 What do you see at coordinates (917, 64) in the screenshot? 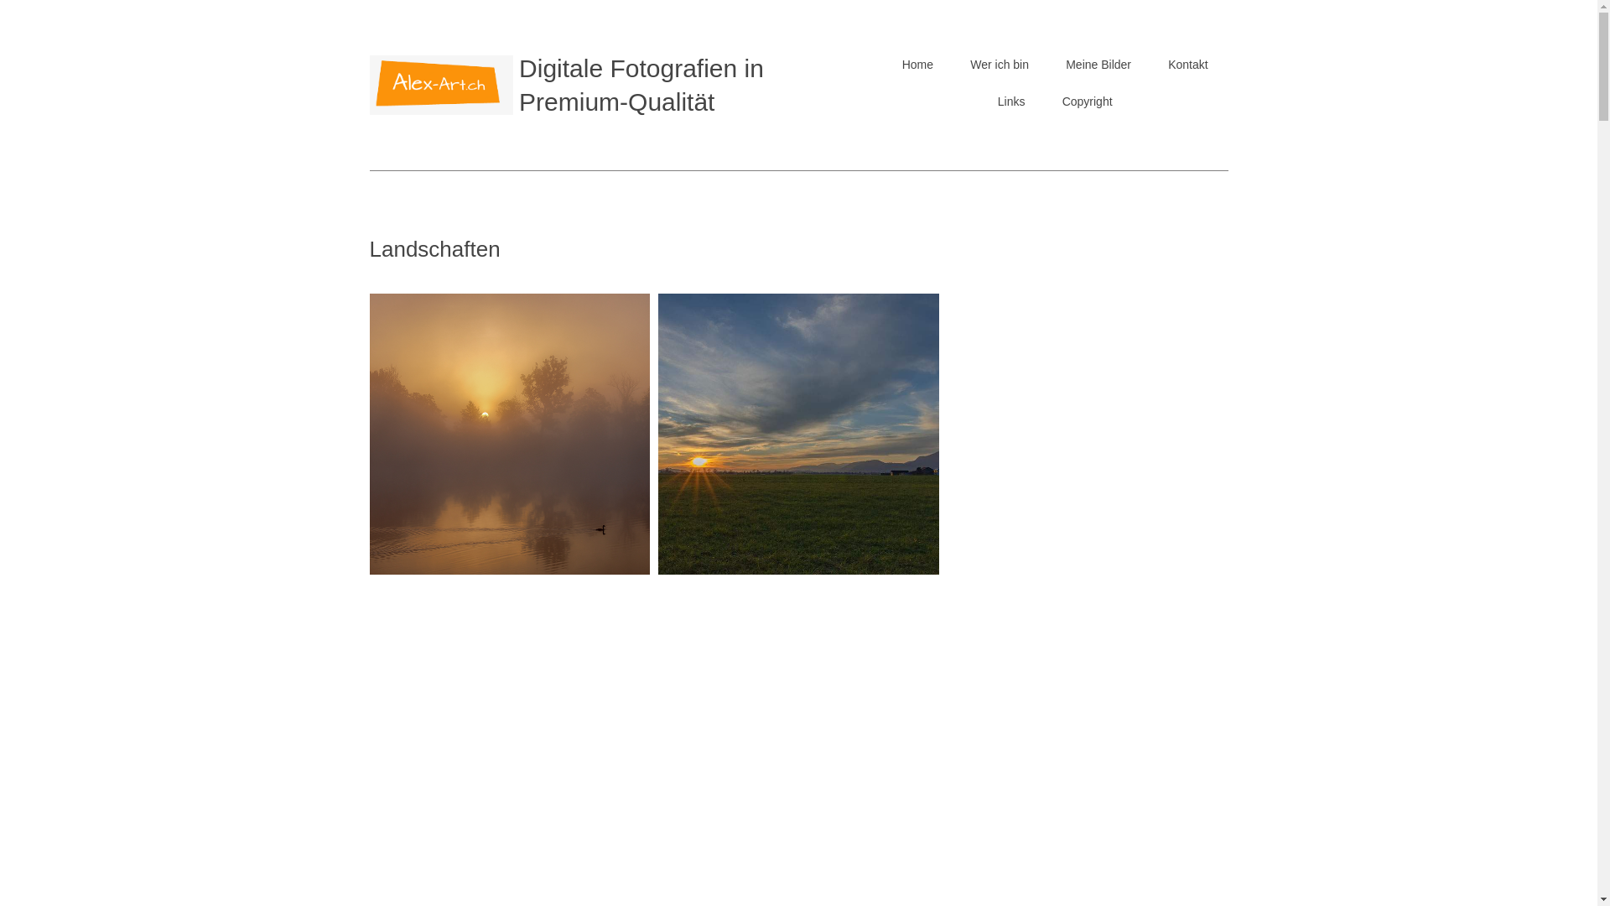
I see `'Home'` at bounding box center [917, 64].